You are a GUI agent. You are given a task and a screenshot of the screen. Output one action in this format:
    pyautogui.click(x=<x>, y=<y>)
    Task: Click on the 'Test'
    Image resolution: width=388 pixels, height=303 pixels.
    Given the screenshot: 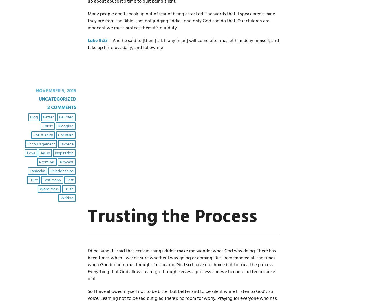 What is the action you would take?
    pyautogui.click(x=69, y=180)
    